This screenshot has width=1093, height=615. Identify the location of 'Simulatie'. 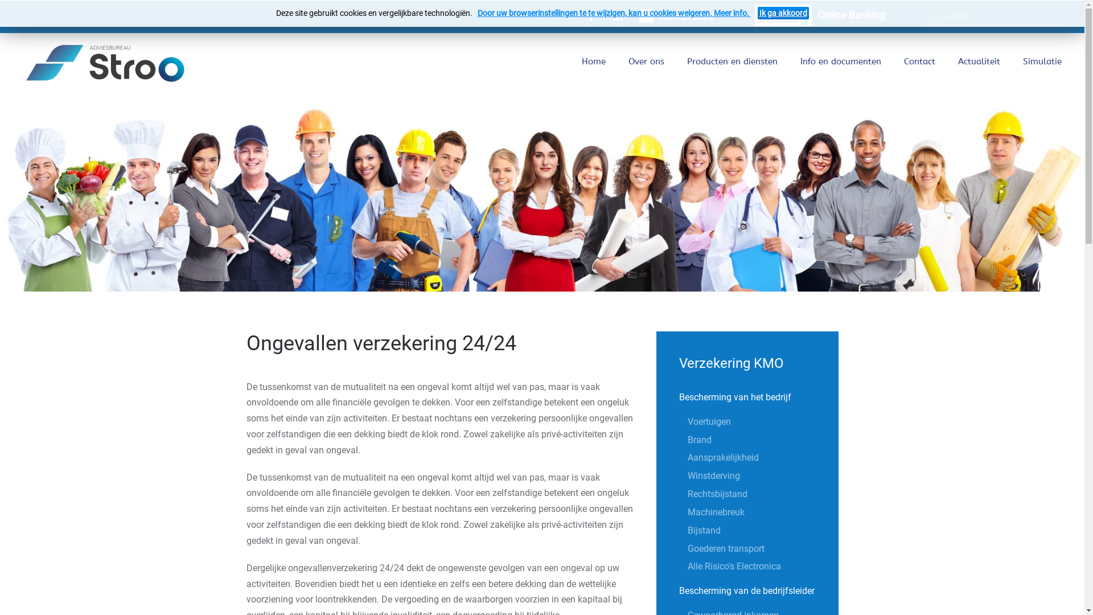
(1042, 61).